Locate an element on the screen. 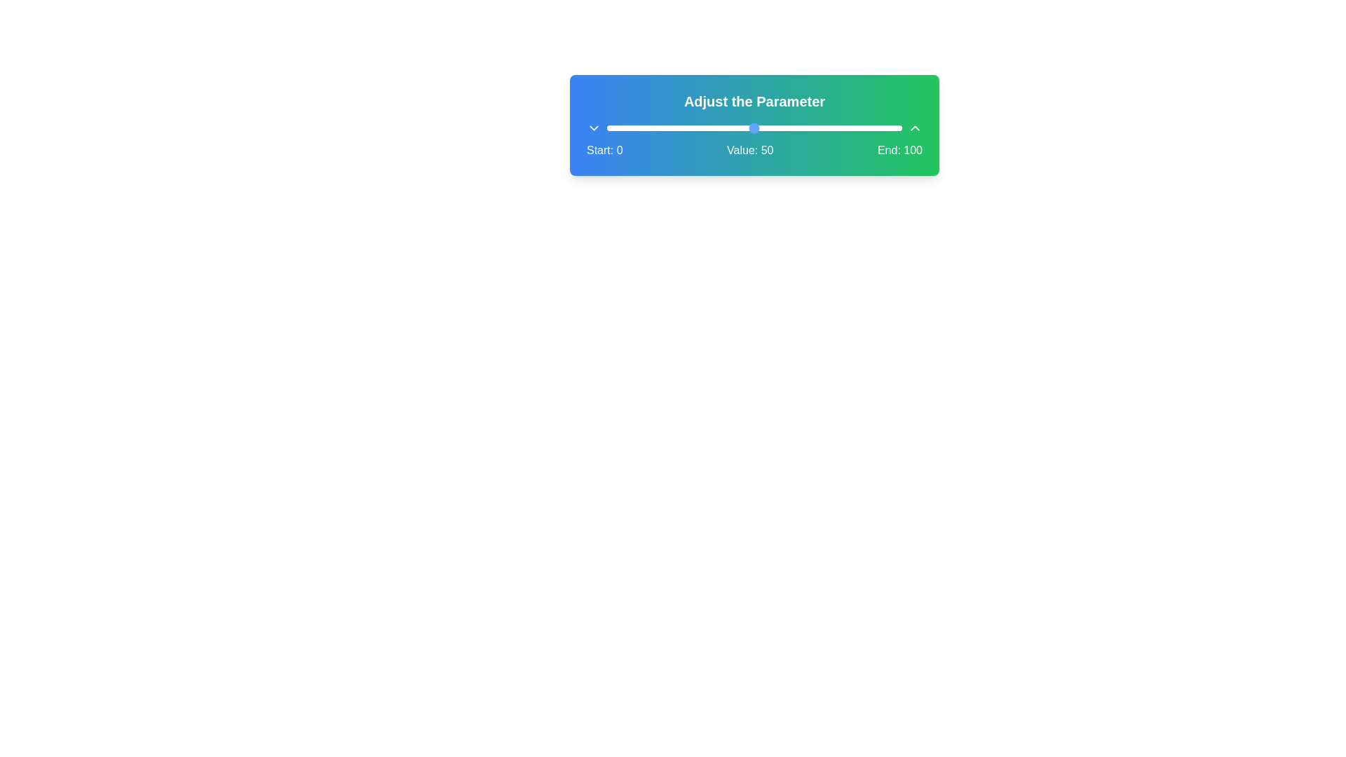 The image size is (1346, 757). the text label that reads 'Adjust the Parameter', which is displayed in bold and large white font against a gradient background transitioning from blue to green is located at coordinates (754, 101).